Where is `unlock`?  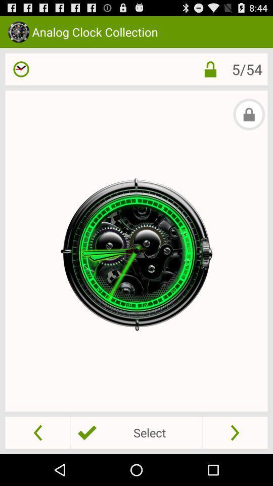
unlock is located at coordinates (210, 68).